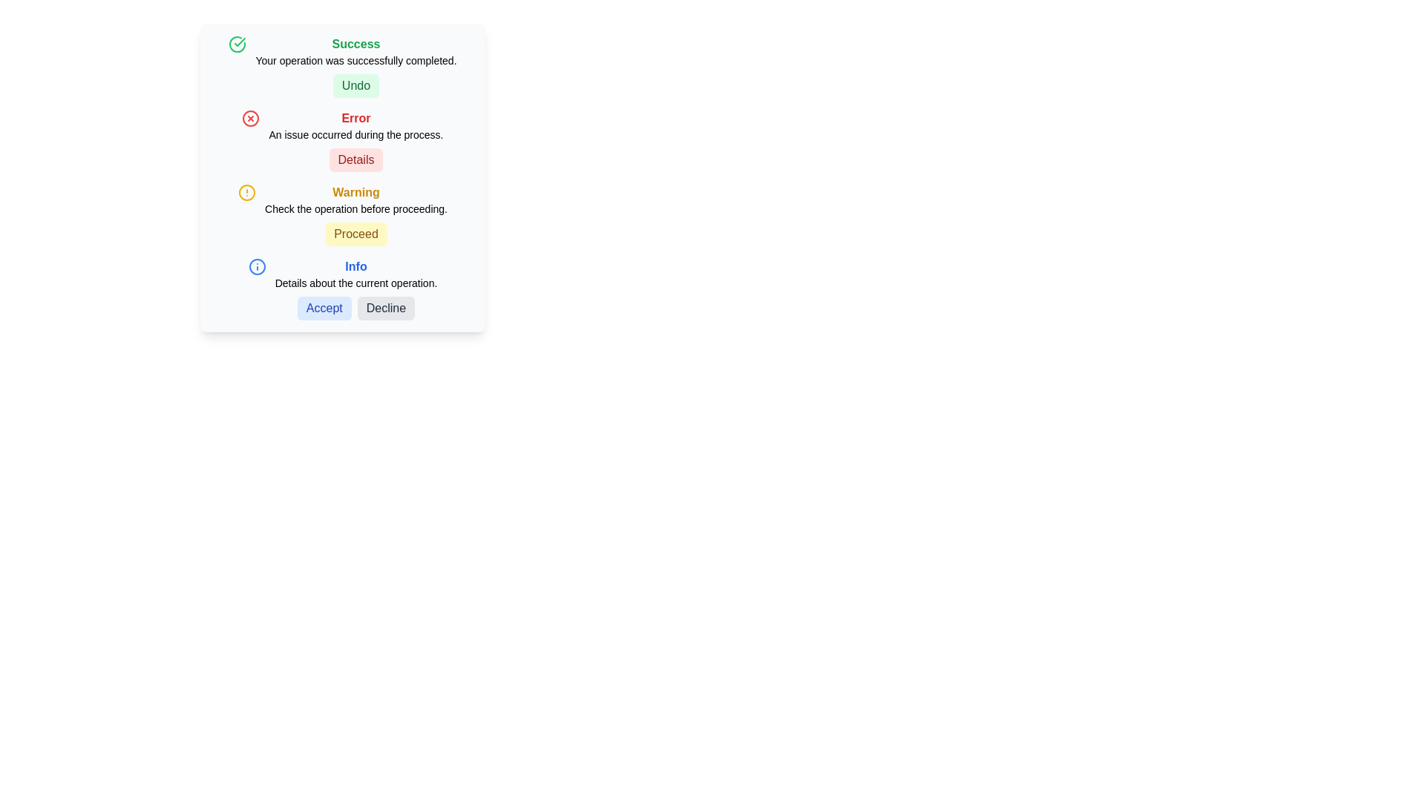 The image size is (1425, 801). Describe the element at coordinates (257, 266) in the screenshot. I see `the outermost circular outline of the informational icon located at the bottom of the panel, which indicates attention or provides additional context to the user` at that location.